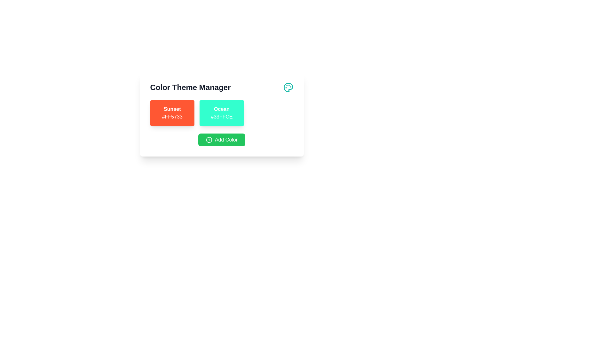  What do you see at coordinates (222, 113) in the screenshot?
I see `the middle card with a bright cyan background that contains the title 'Ocean' and the code '#33FFCE' in the Color Theme Manager section` at bounding box center [222, 113].